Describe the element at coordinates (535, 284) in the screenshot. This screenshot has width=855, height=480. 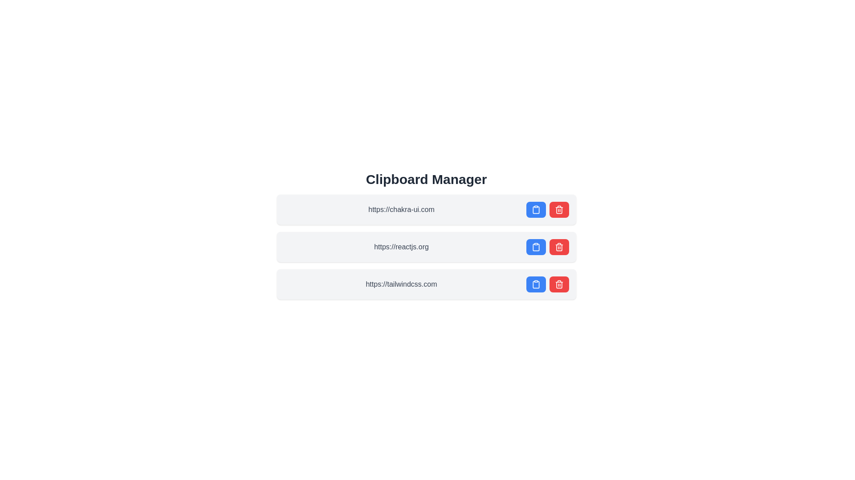
I see `the blue rectangular button with rounded corners and a clipboard icon for the 'tailwindcss.com' entry in the clipboard manager interface` at that location.